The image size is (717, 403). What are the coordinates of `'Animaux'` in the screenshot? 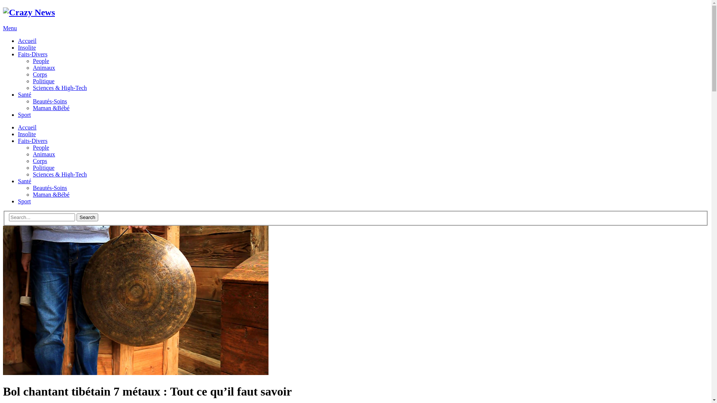 It's located at (44, 154).